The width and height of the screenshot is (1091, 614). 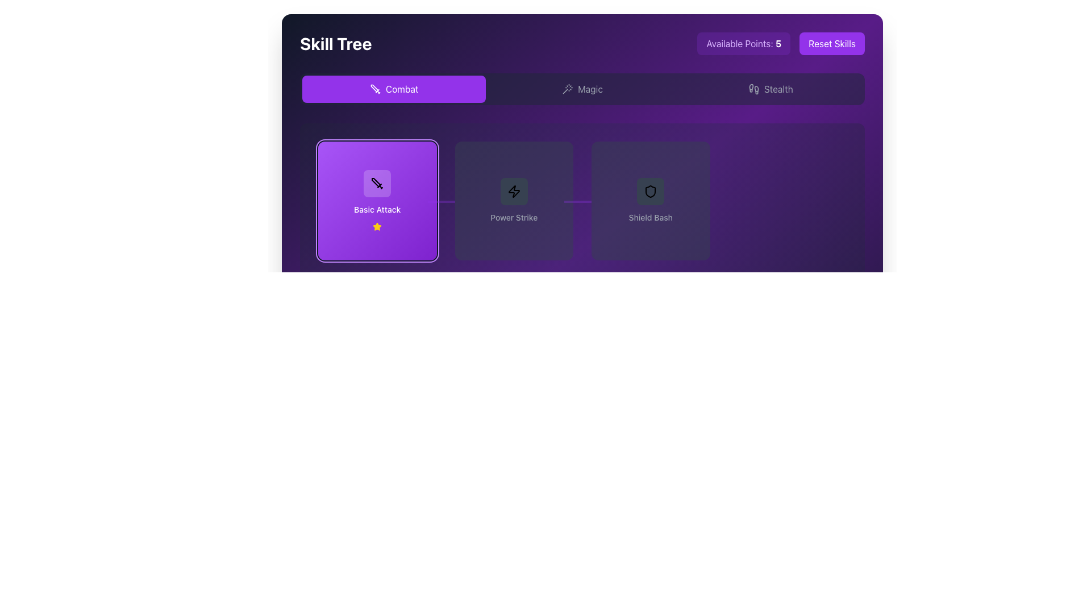 What do you see at coordinates (394, 89) in the screenshot?
I see `the leftmost button in the skill tree interface` at bounding box center [394, 89].